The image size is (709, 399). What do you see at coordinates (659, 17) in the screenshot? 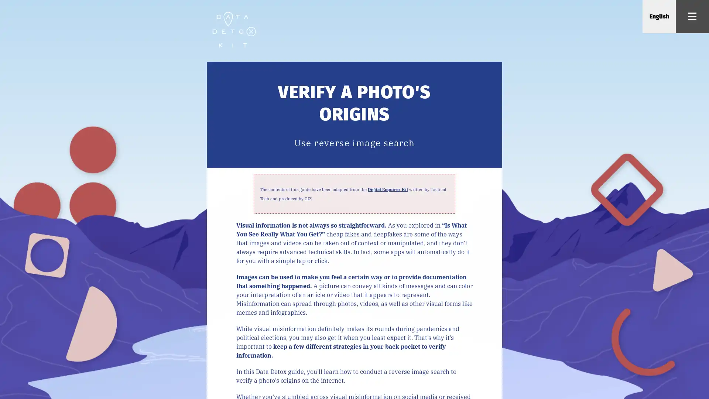
I see `English` at bounding box center [659, 17].